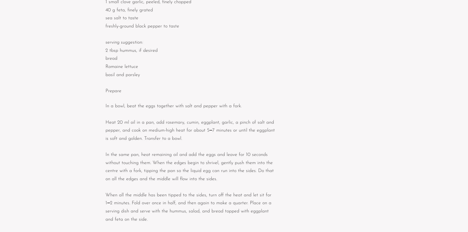 Image resolution: width=468 pixels, height=232 pixels. What do you see at coordinates (122, 66) in the screenshot?
I see `'Romaine lettuce'` at bounding box center [122, 66].